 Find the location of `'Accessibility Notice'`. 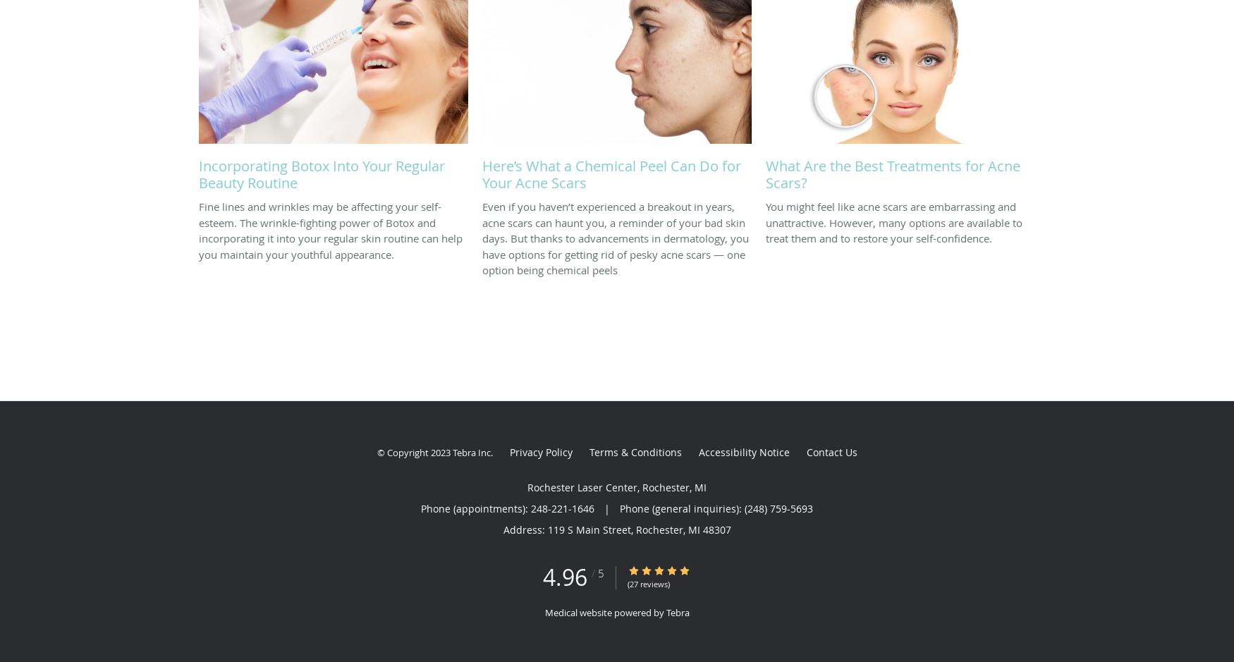

'Accessibility Notice' is located at coordinates (743, 451).